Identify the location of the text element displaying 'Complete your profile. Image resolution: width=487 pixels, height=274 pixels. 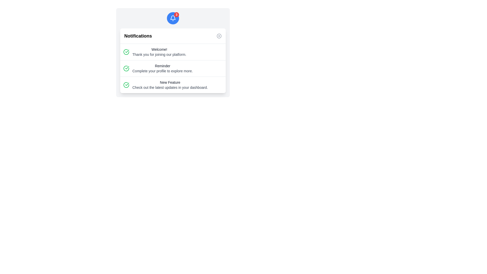
(163, 71).